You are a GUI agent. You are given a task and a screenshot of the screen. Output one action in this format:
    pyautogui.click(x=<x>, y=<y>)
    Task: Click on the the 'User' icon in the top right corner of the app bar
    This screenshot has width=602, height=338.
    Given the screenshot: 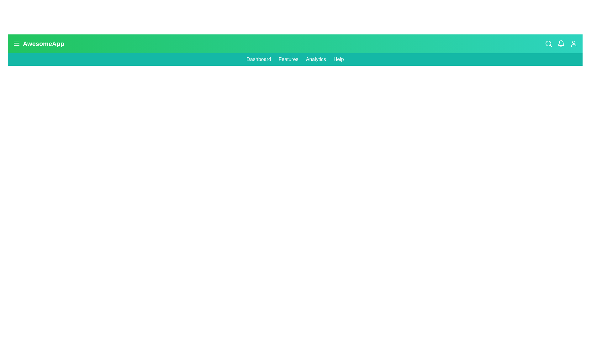 What is the action you would take?
    pyautogui.click(x=573, y=43)
    